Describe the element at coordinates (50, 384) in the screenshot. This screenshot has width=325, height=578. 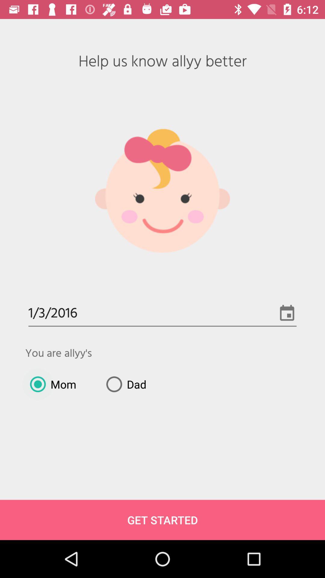
I see `the icon on the left` at that location.